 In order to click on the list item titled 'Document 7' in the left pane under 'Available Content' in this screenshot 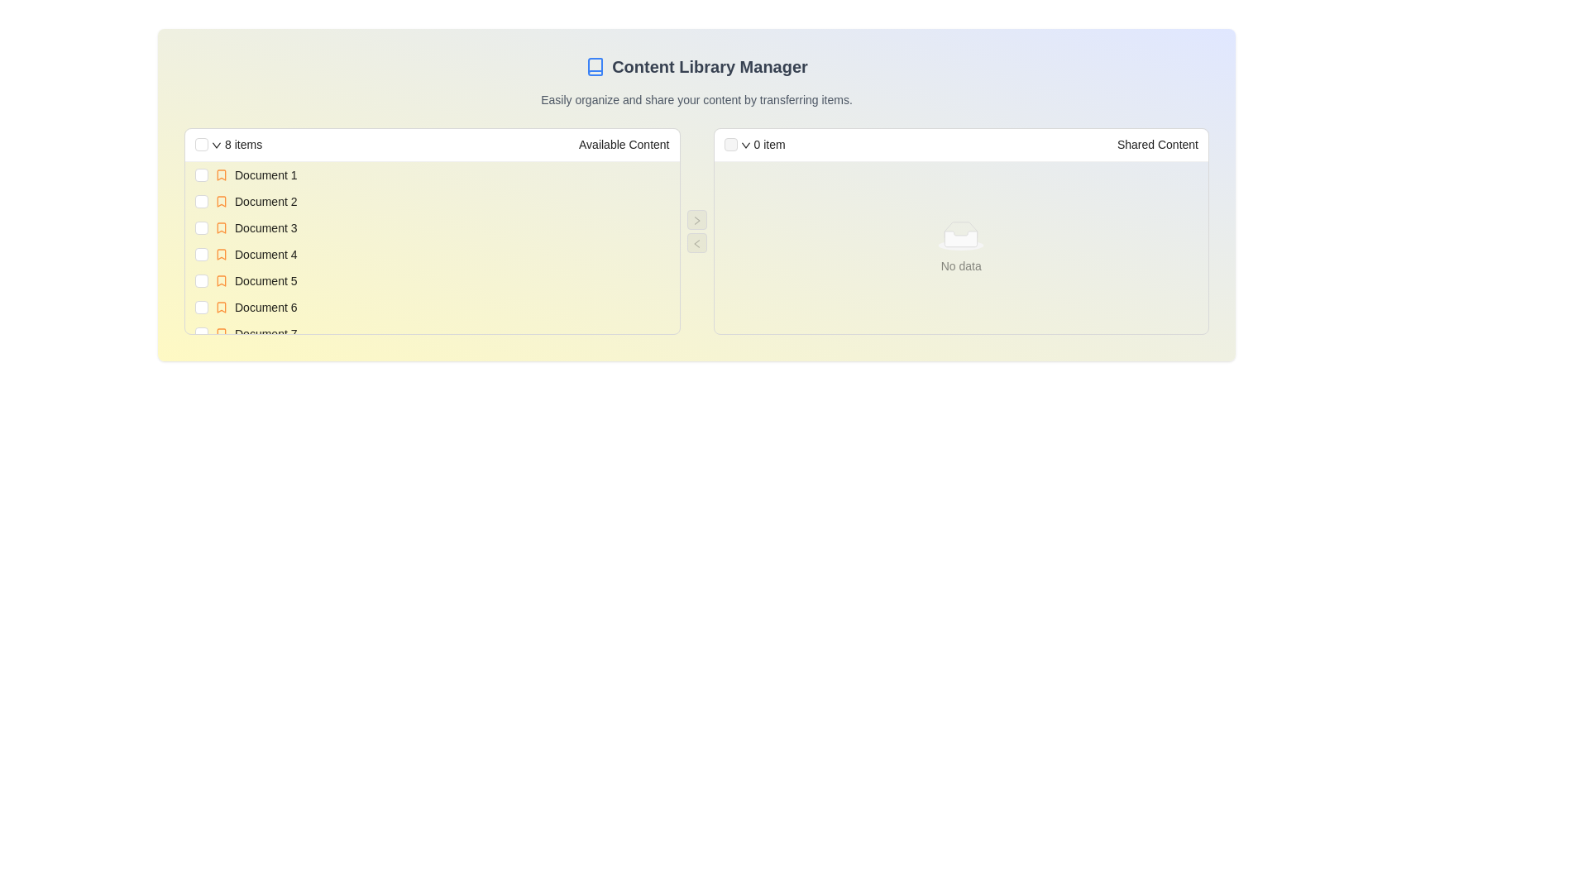, I will do `click(442, 334)`.